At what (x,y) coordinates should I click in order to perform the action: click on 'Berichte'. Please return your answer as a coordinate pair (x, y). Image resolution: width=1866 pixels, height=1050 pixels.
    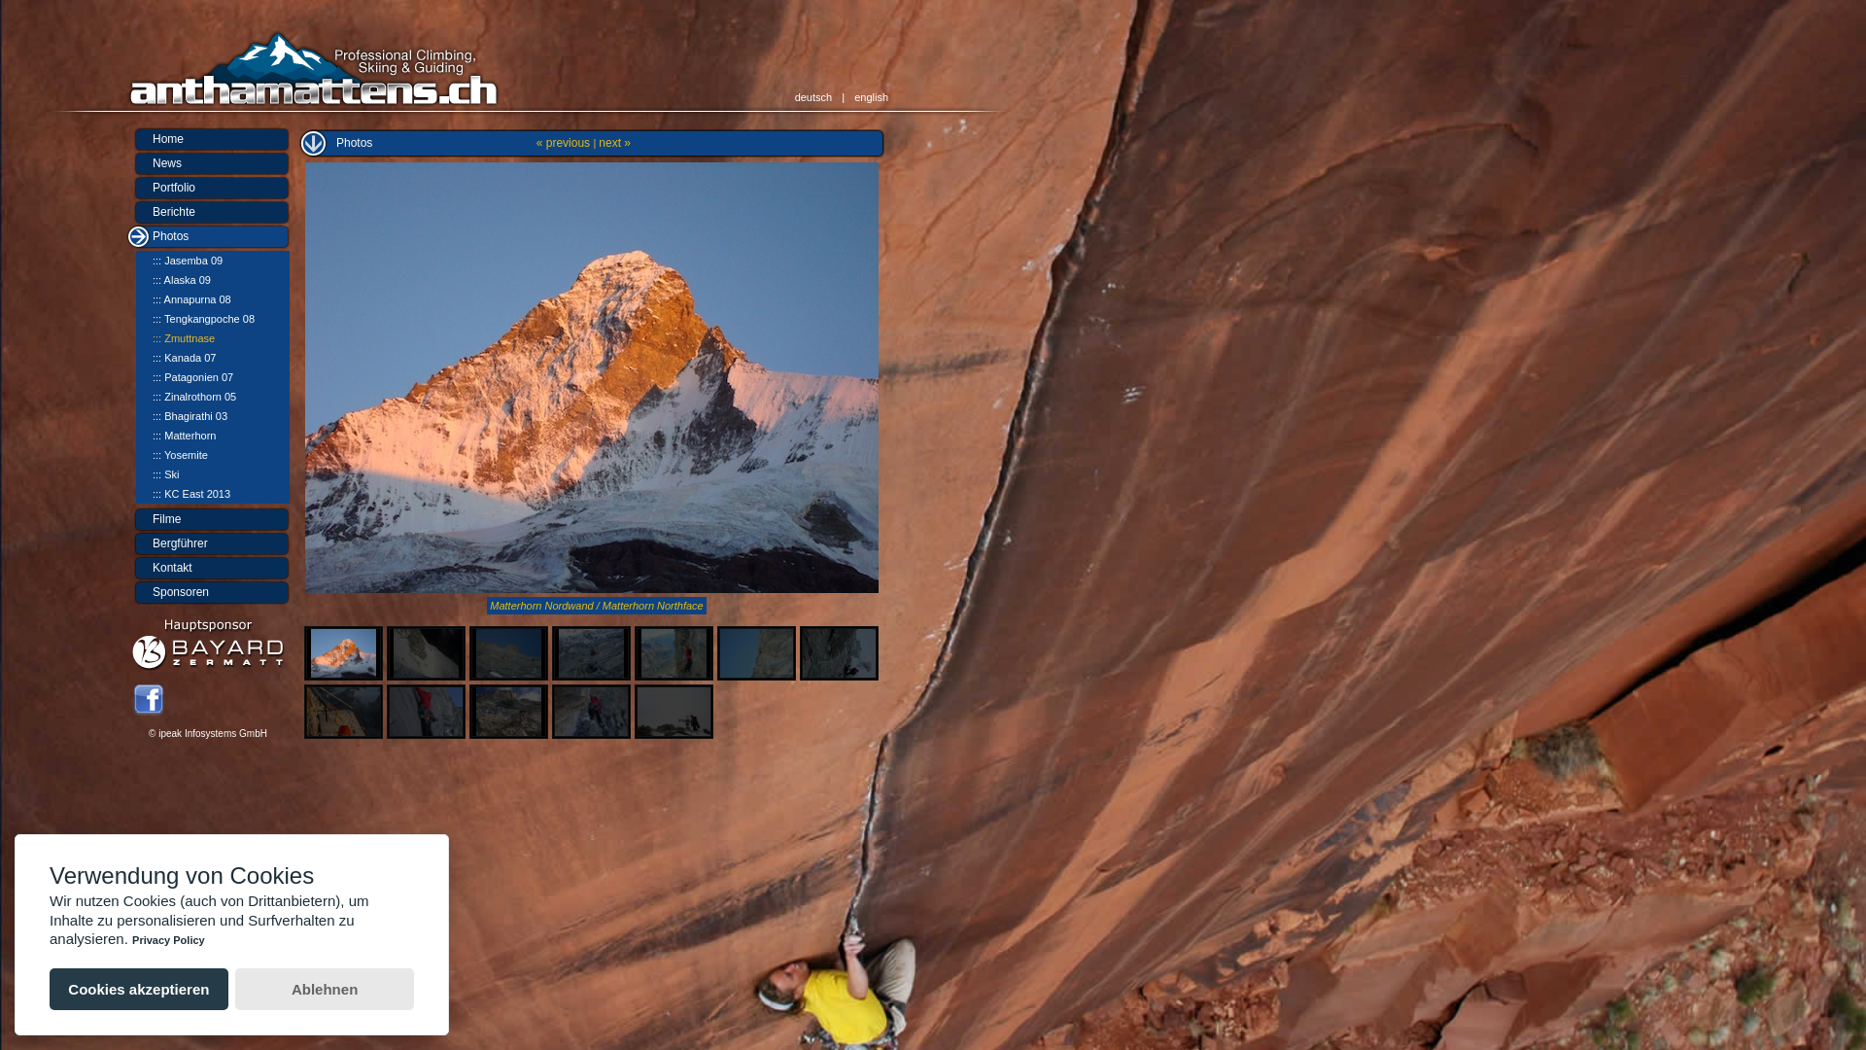
    Looking at the image, I should click on (160, 212).